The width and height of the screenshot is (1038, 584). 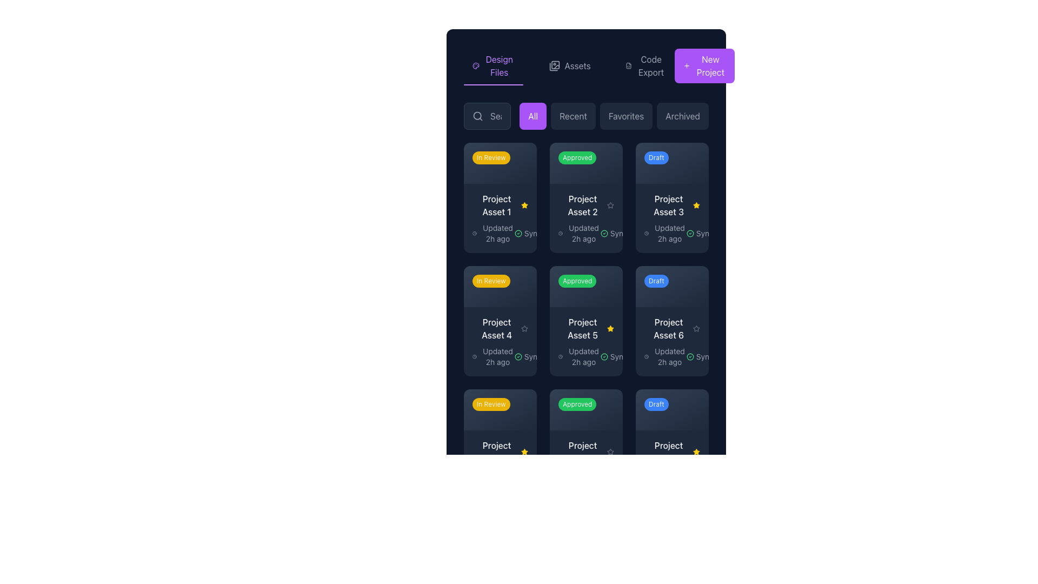 I want to click on green oval badge labeled 'Approved' for additional attributes, located in the top-left area of the 'Project Asset 5' card, so click(x=585, y=409).